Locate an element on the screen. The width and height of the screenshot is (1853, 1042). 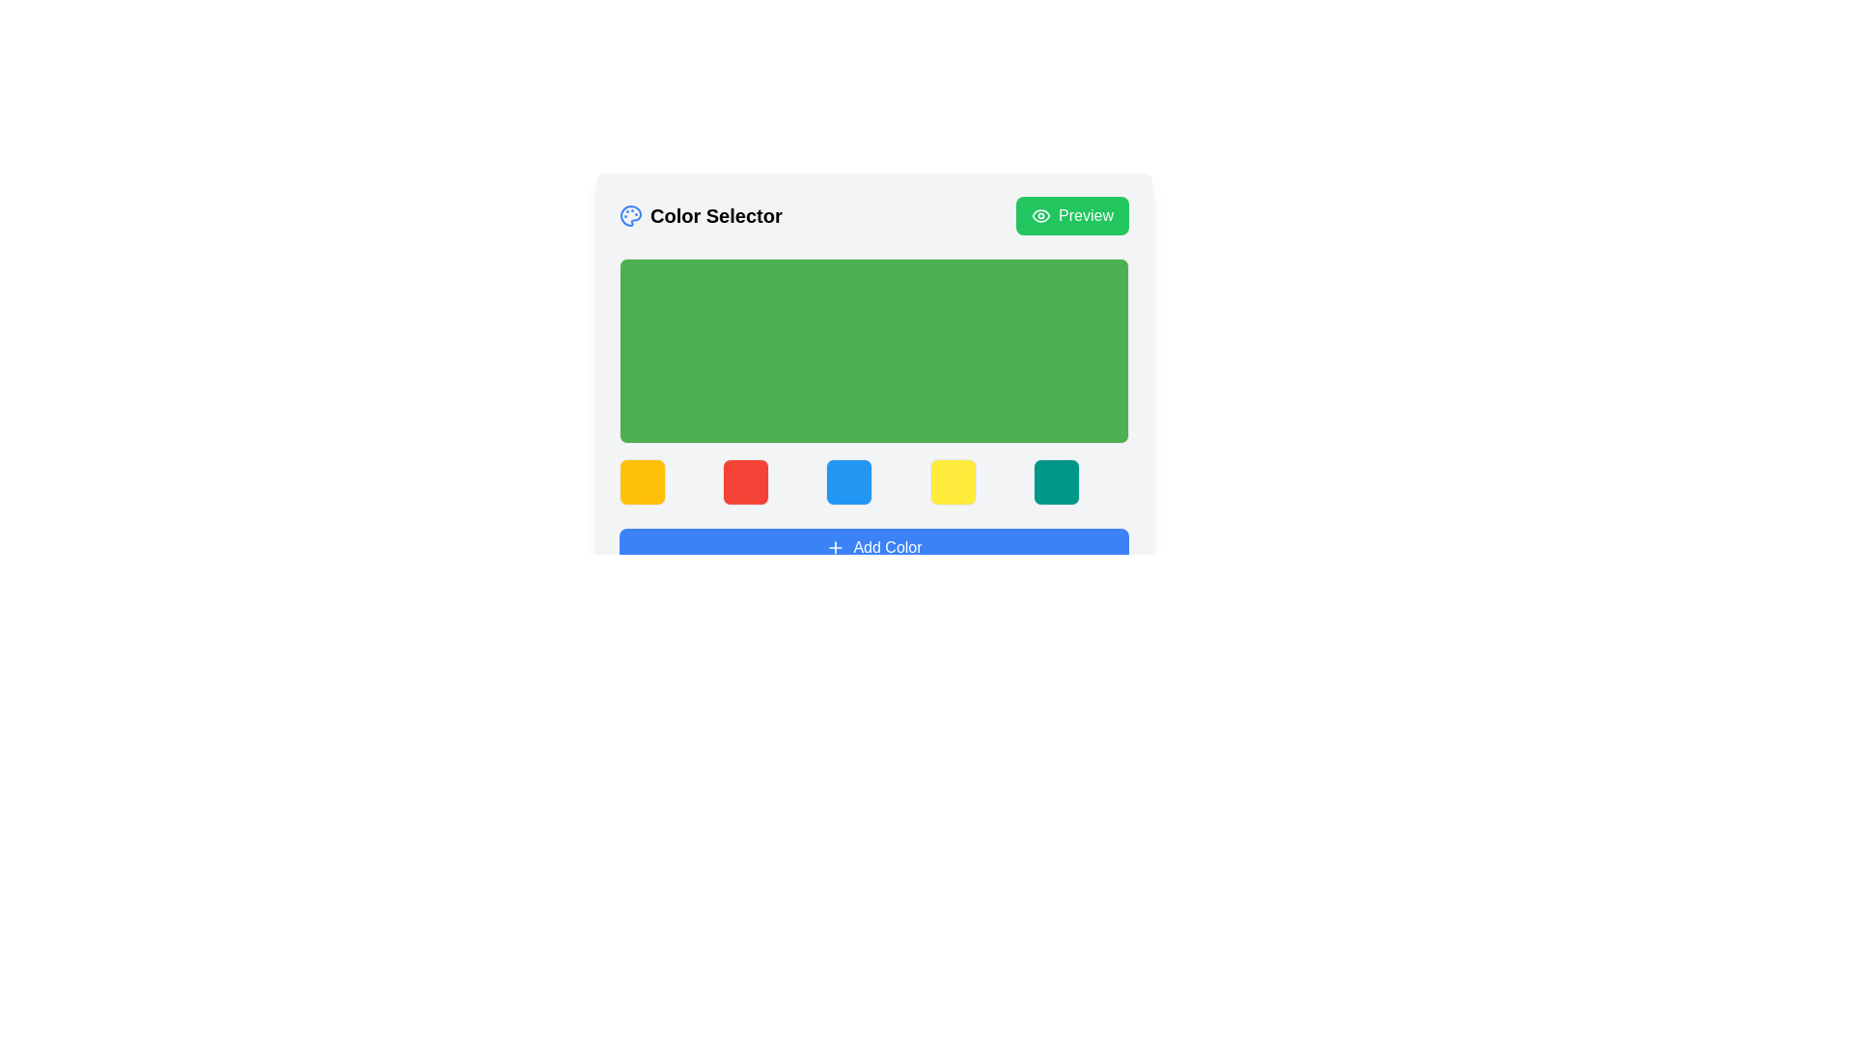
the outermost elliptical shape resembling an eye outline in the top-right corner of the interface is located at coordinates (1040, 215).